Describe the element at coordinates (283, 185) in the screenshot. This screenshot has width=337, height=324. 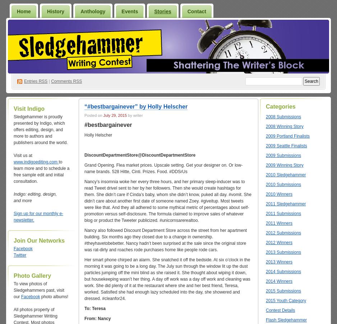
I see `'2010 Submissions'` at that location.